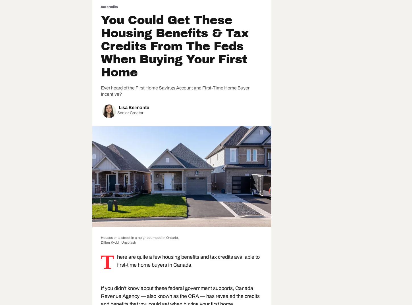 The width and height of the screenshot is (412, 305). What do you see at coordinates (193, 296) in the screenshot?
I see `'CRA'` at bounding box center [193, 296].